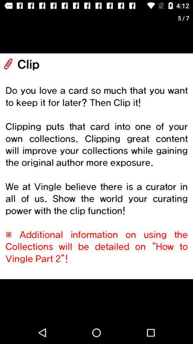 The height and width of the screenshot is (344, 193). I want to click on the icon at the center, so click(96, 166).